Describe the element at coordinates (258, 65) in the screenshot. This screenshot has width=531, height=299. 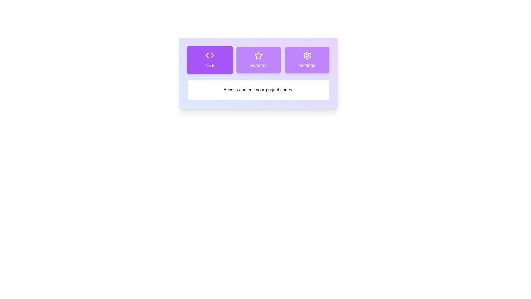
I see `the label indicating 'Favorites' located in the middle of the second card, below the star icon` at that location.